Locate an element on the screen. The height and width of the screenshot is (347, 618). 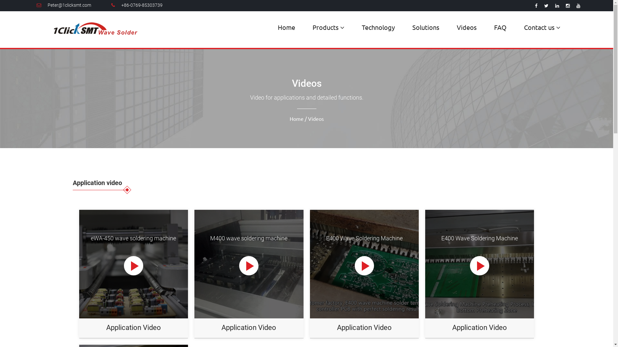
'Videos' is located at coordinates (466, 27).